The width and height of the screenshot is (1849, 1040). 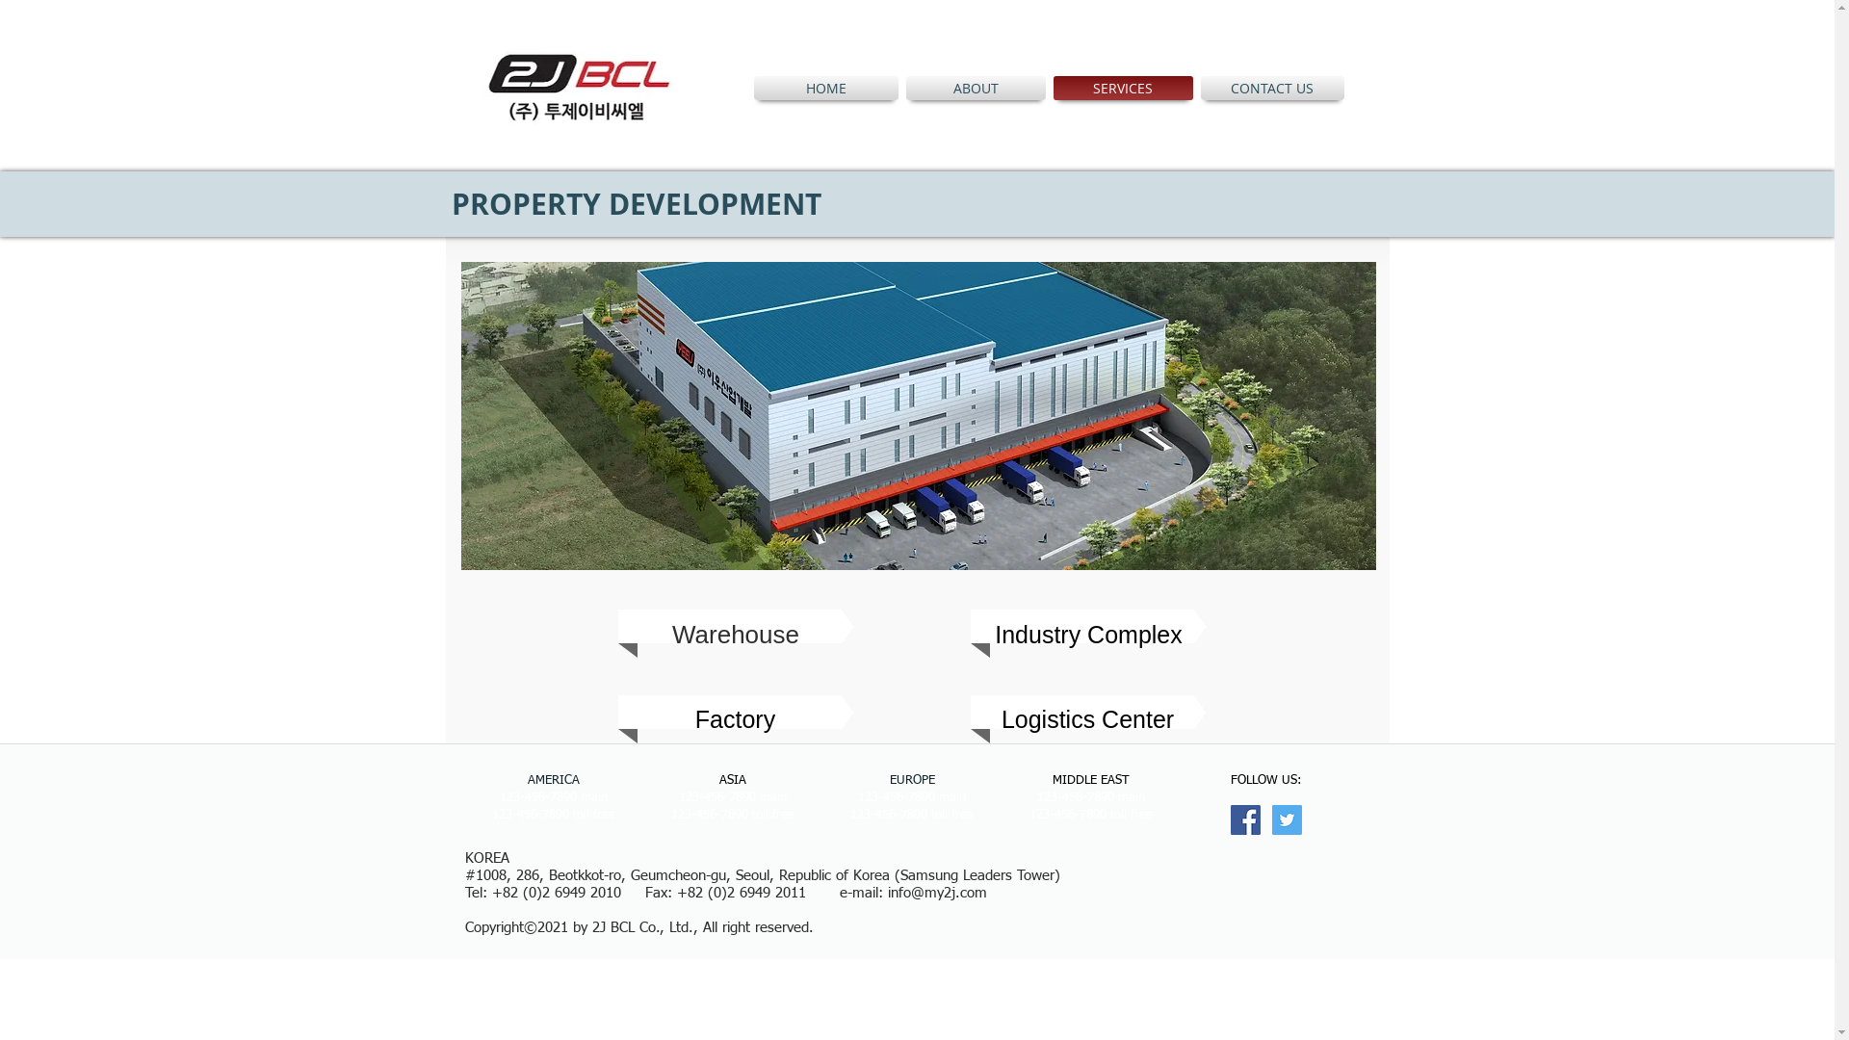 I want to click on 'CONTACT US', so click(x=1269, y=88).